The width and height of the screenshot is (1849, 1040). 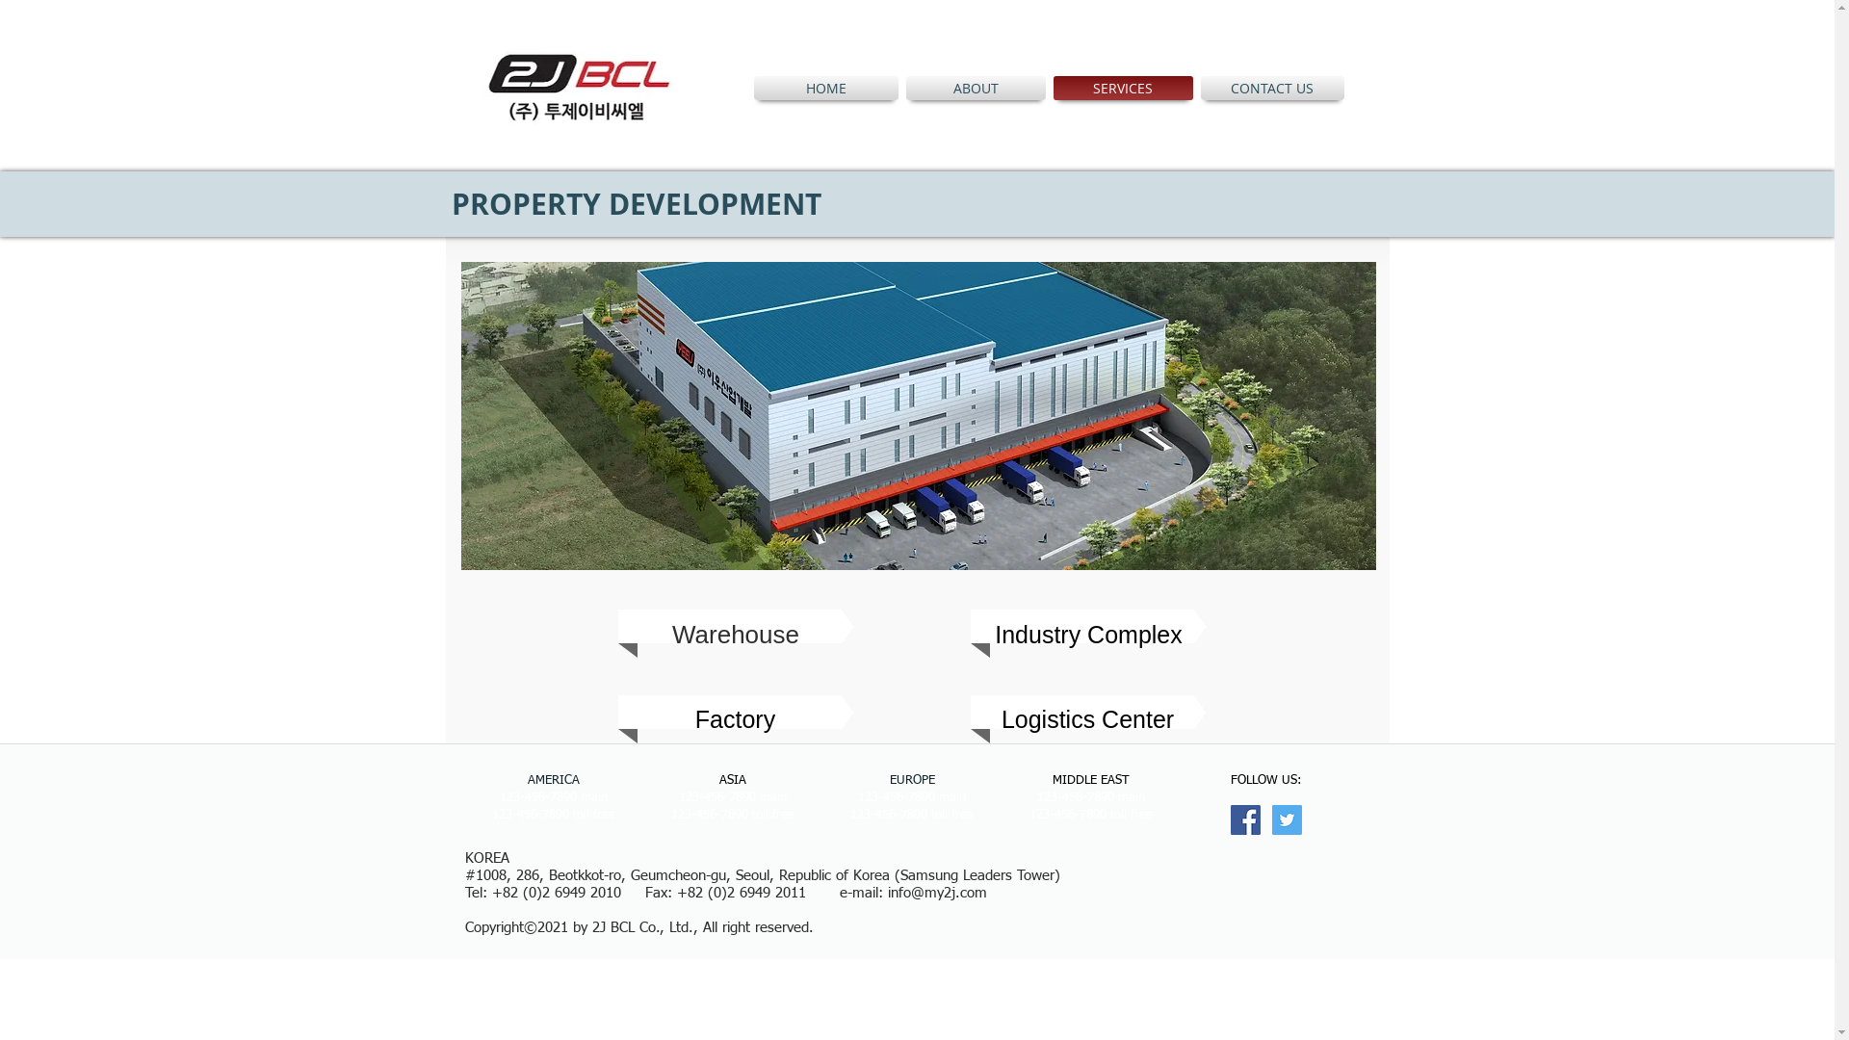 I want to click on 'CONTACT US', so click(x=1269, y=88).